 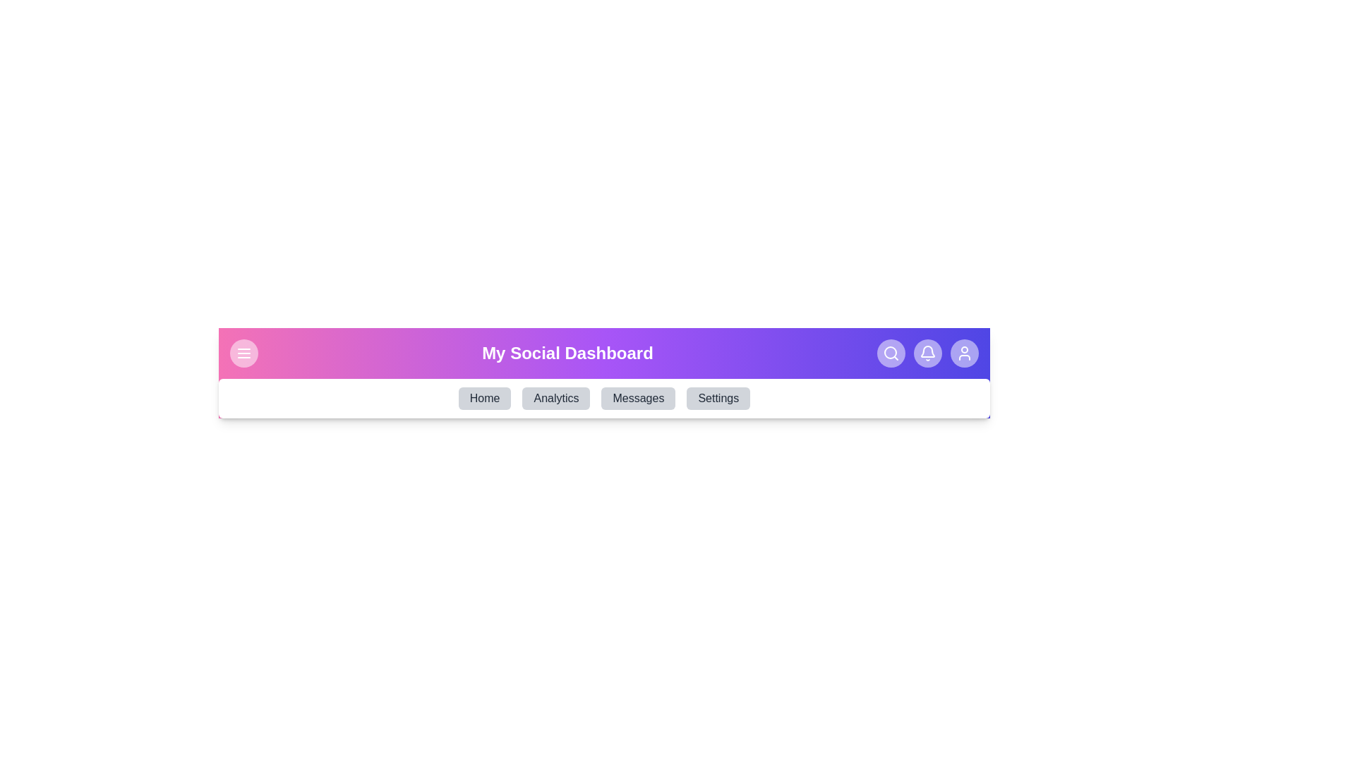 What do you see at coordinates (555, 398) in the screenshot?
I see `the navigation item Analytics from the navigation bar` at bounding box center [555, 398].